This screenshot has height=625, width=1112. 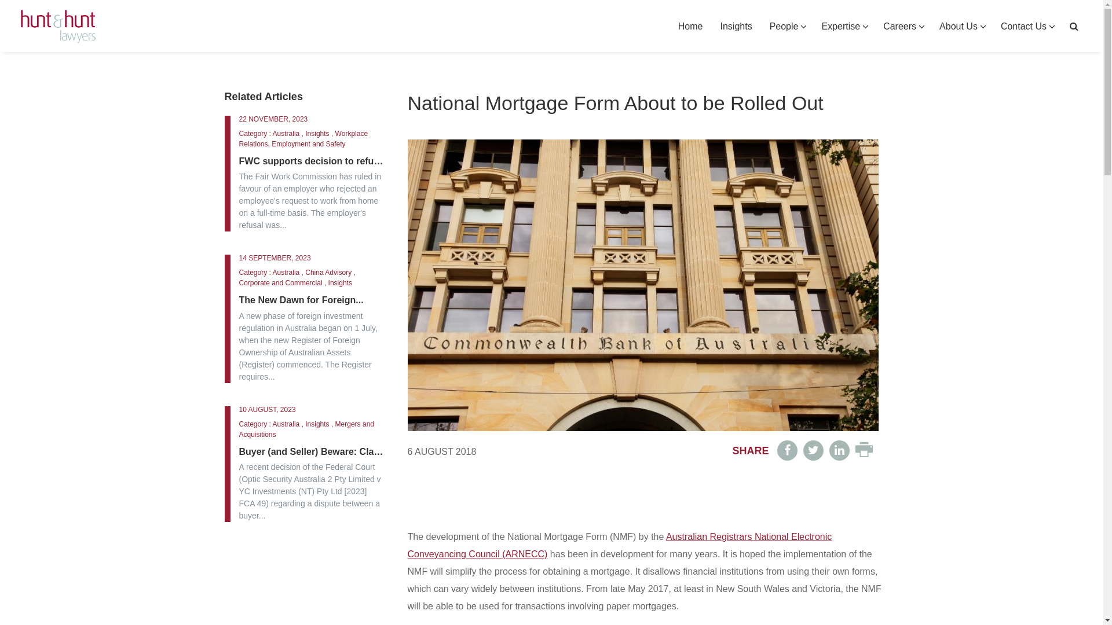 What do you see at coordinates (280, 283) in the screenshot?
I see `'Corporate and Commercial'` at bounding box center [280, 283].